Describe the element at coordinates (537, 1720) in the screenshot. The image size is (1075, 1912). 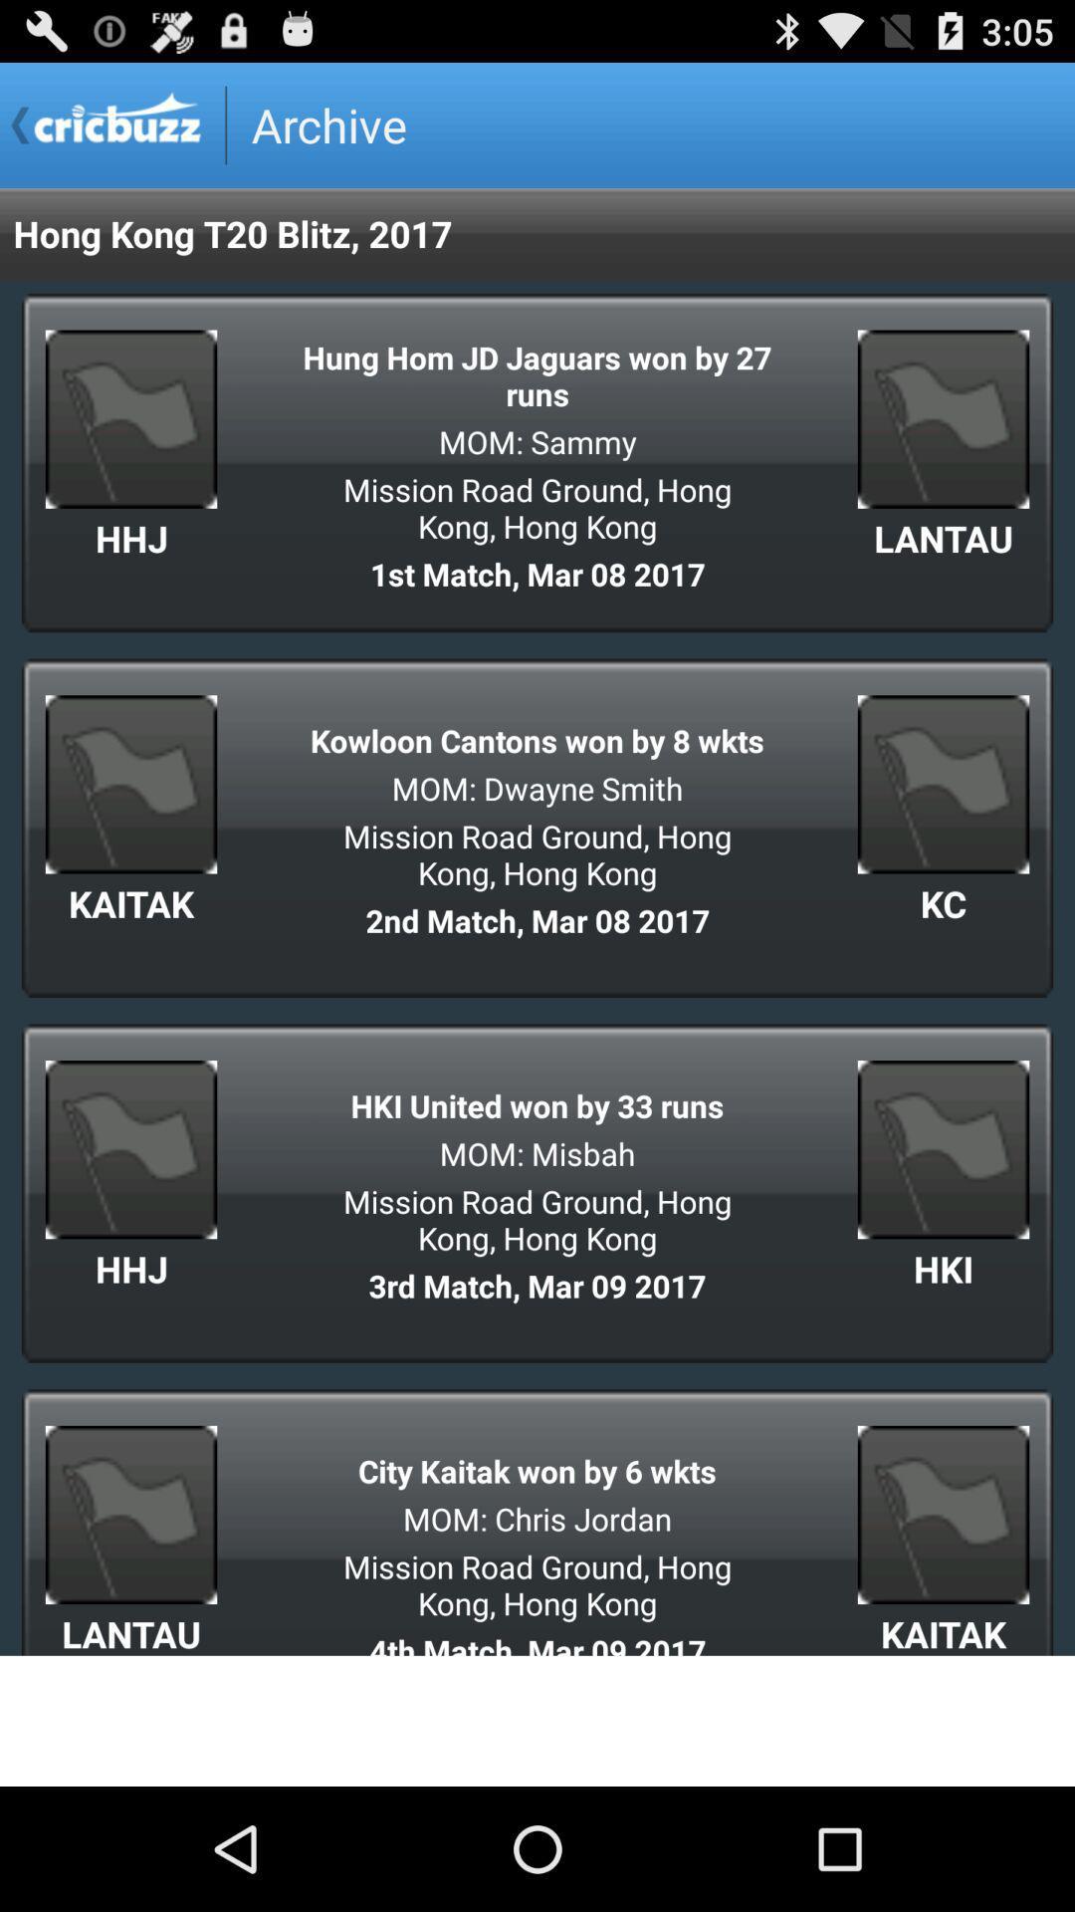
I see `item below lantau item` at that location.